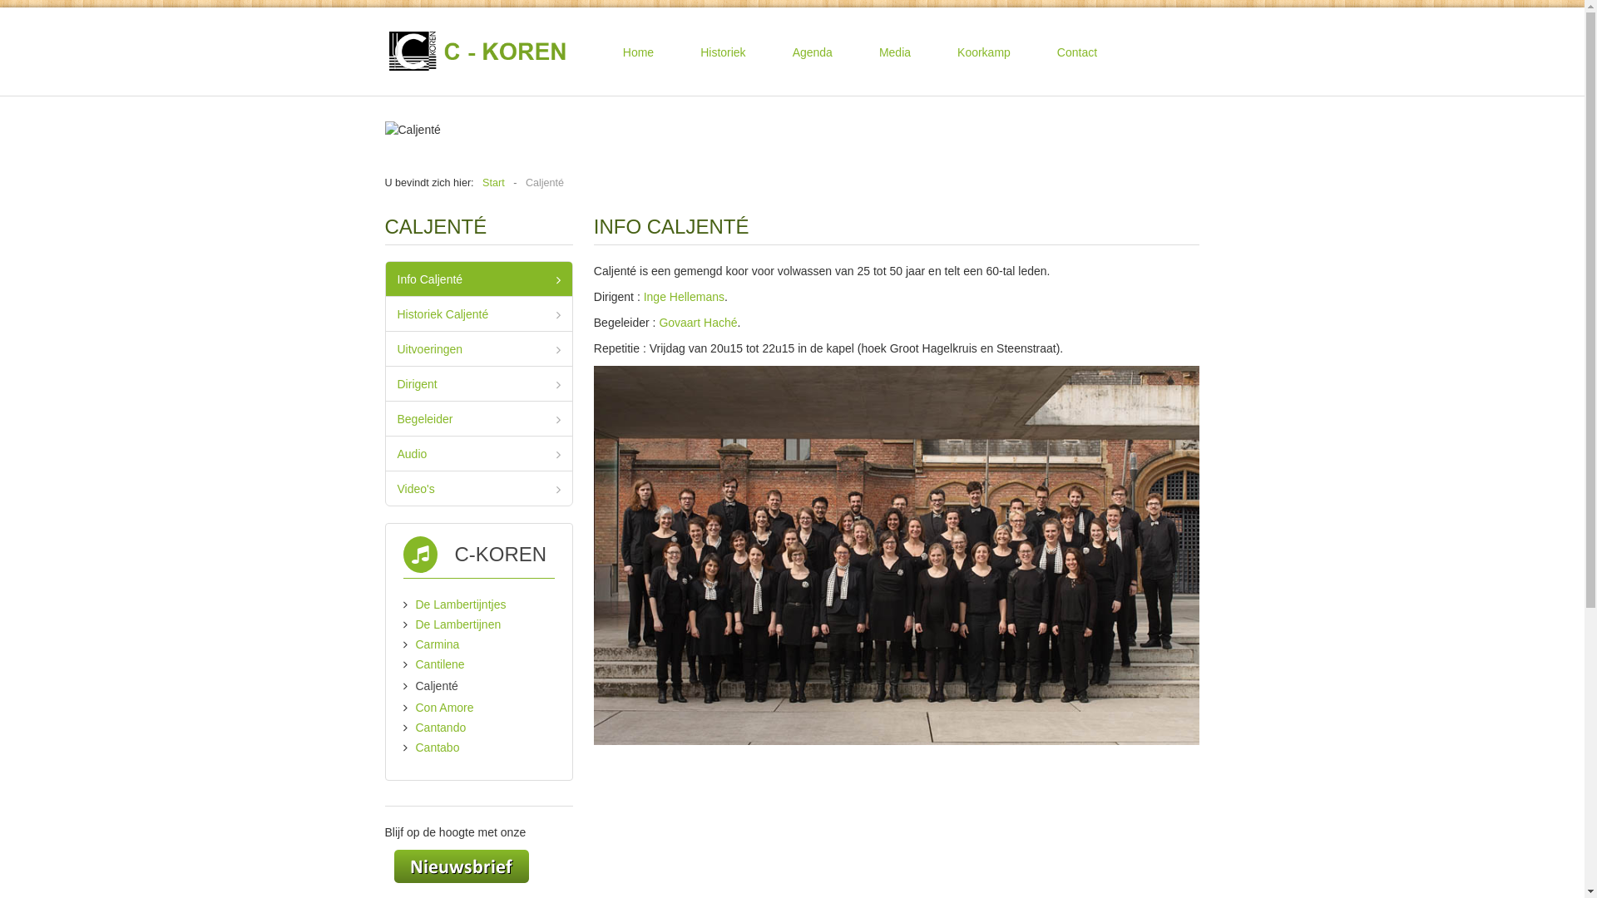 This screenshot has height=898, width=1597. Describe the element at coordinates (1038, 51) in the screenshot. I see `'Contact'` at that location.